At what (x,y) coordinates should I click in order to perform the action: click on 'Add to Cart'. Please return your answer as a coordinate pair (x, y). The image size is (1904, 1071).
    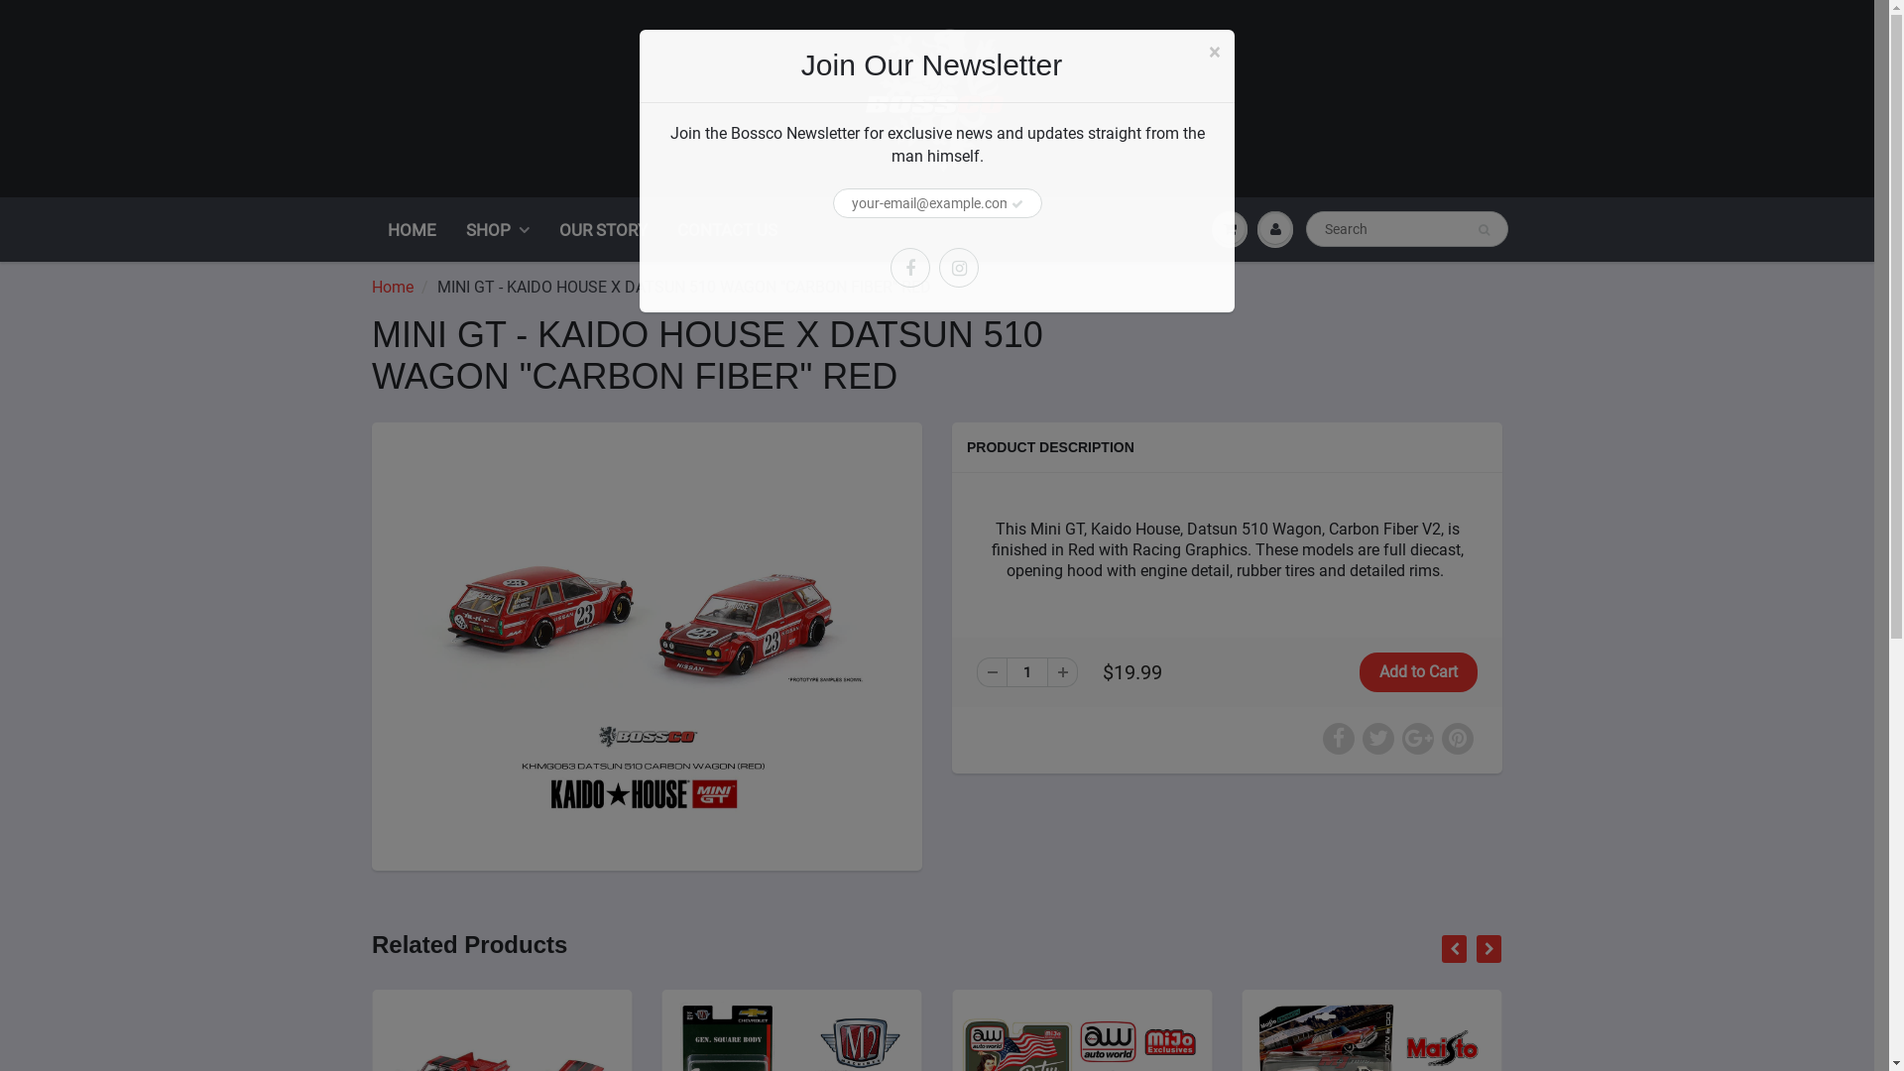
    Looking at the image, I should click on (1417, 671).